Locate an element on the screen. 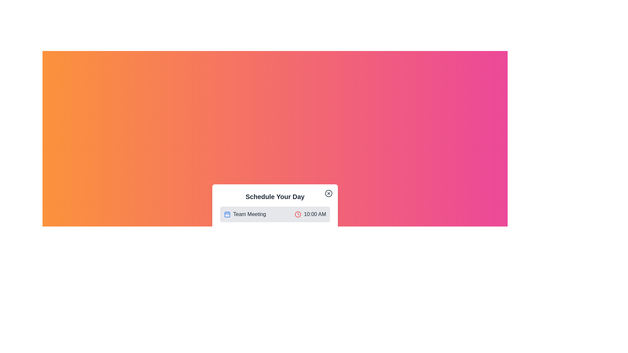 The image size is (628, 353). the text label that identifies the event as 'Team Meeting', located in the middle of a pop-up card labeled 'Schedule Your Day' is located at coordinates (249, 214).